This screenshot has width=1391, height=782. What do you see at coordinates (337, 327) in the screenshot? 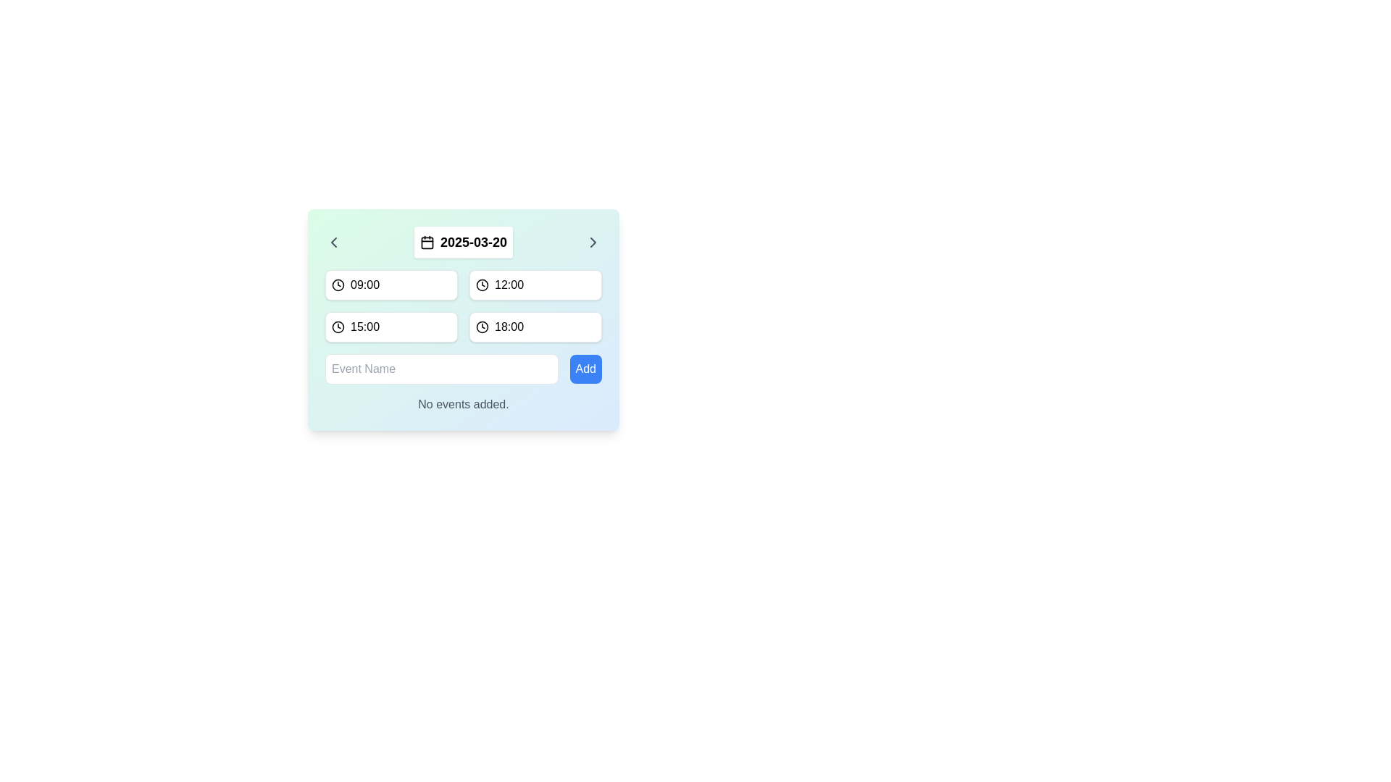
I see `the SVG circle representing the clock icon located to the left of the '15:00' label in the second row of time slots` at bounding box center [337, 327].